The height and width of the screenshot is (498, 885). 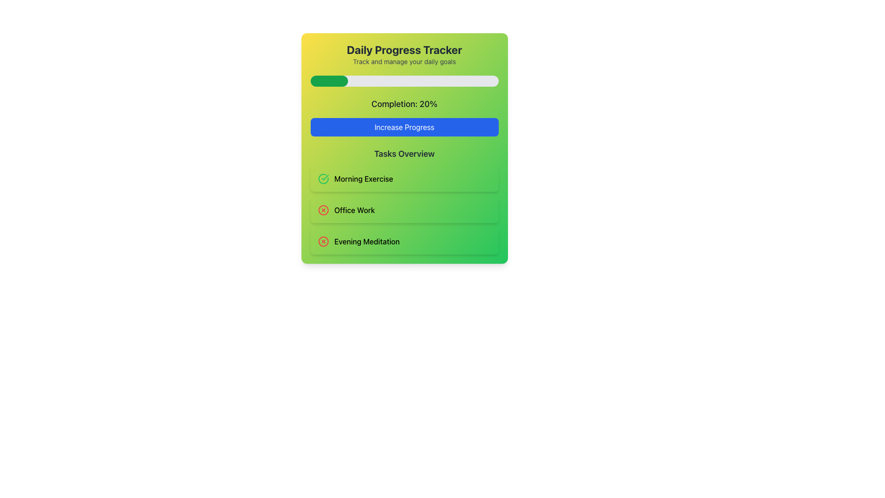 I want to click on the 'Increase Progress' button, which is a rectangular button with a blue background and white text, located centrally below the 'Completion: 20%' text, so click(x=404, y=127).